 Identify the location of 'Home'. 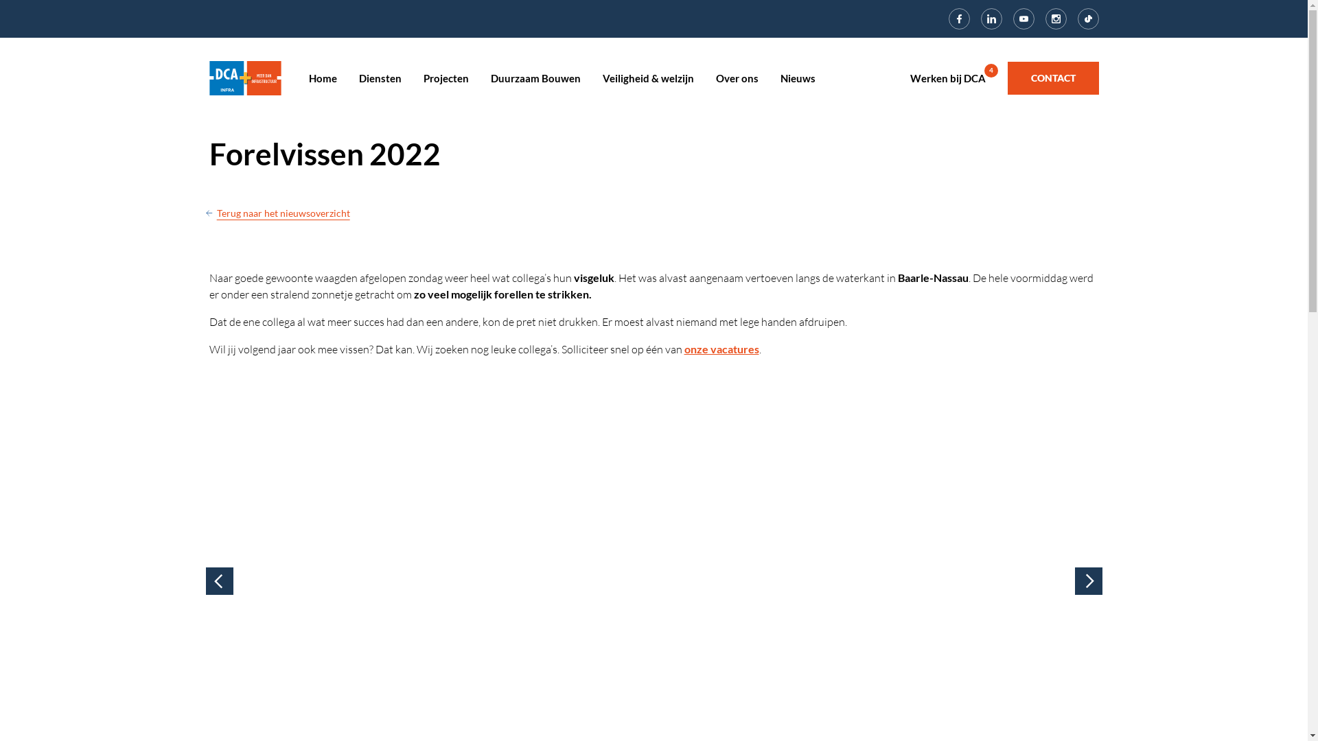
(322, 78).